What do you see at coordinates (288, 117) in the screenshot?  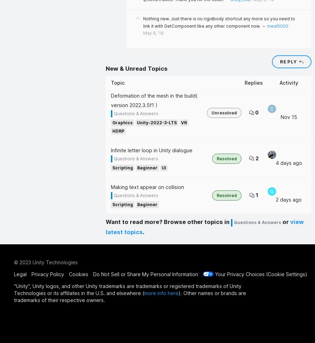 I see `'Nov 15'` at bounding box center [288, 117].